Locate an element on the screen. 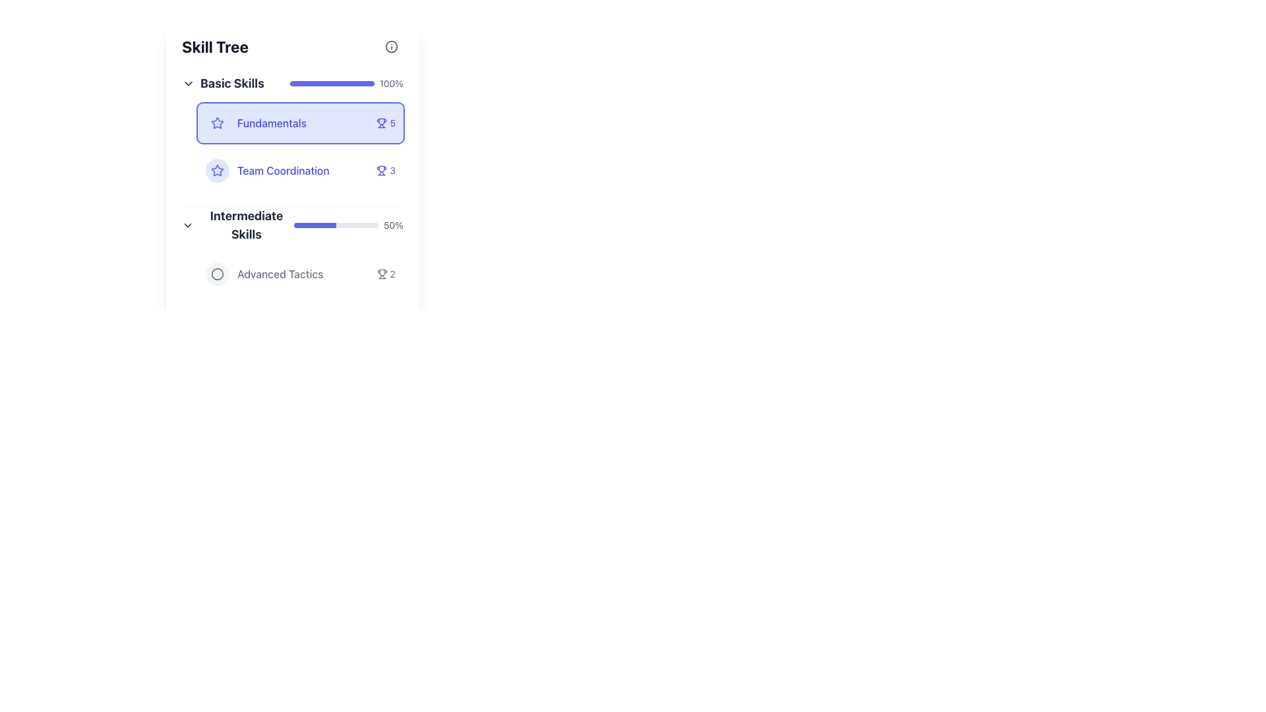 The image size is (1266, 712). the 'Fundamentals' text label located in the 'Basic Skills' section of the skill tree interface, which is the second item in the list after a star icon is located at coordinates (271, 123).